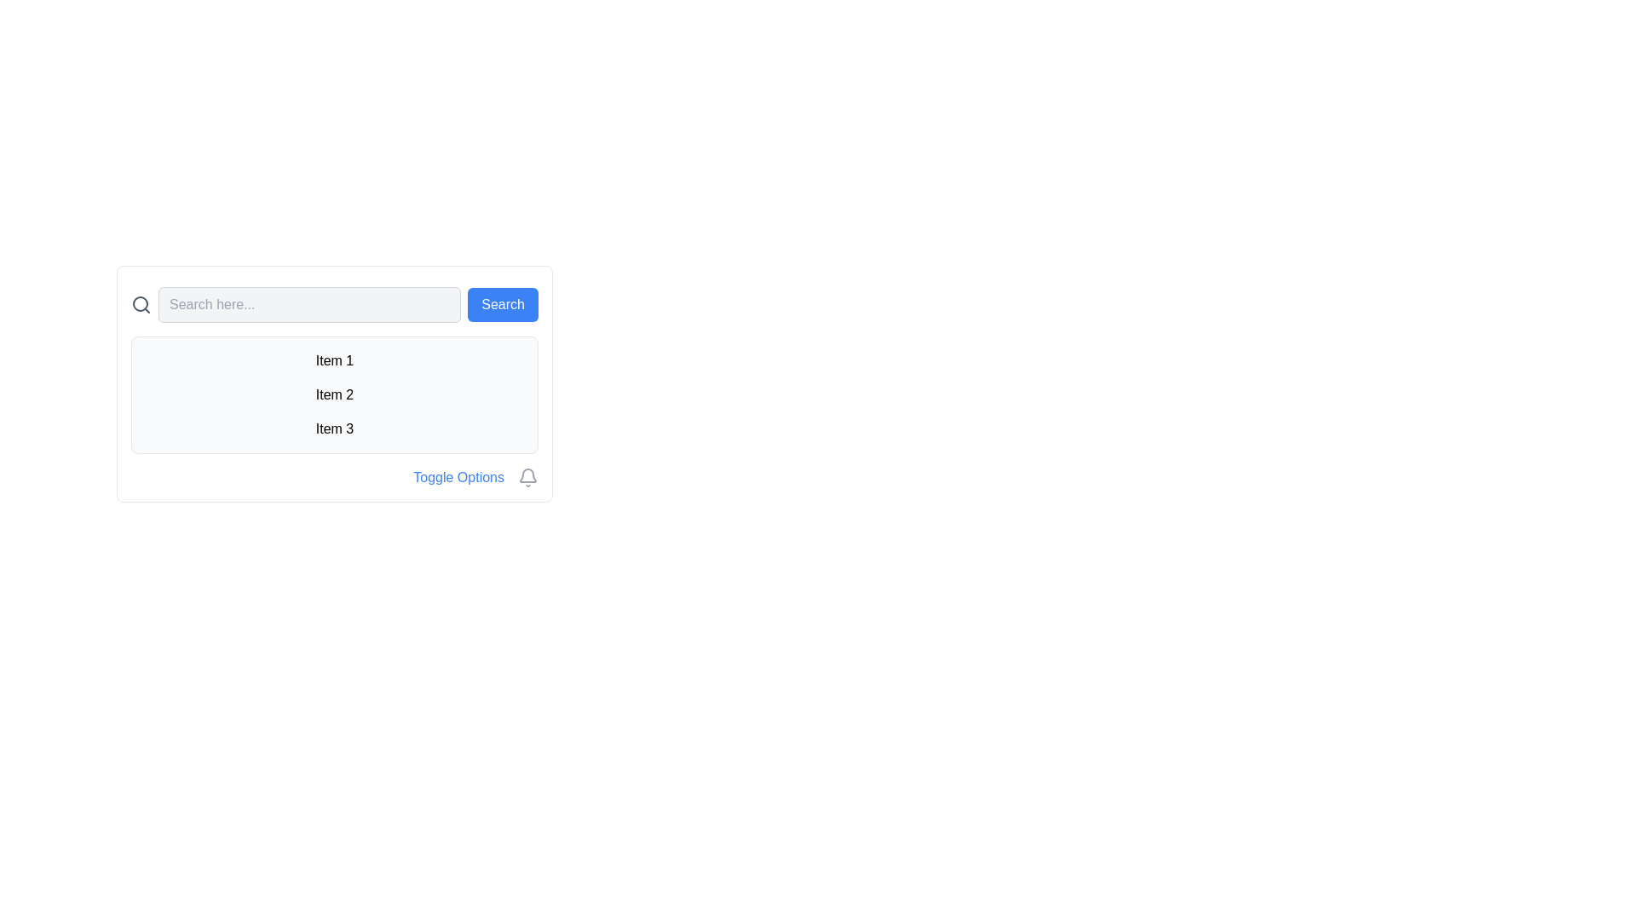 This screenshot has height=920, width=1636. Describe the element at coordinates (140, 303) in the screenshot. I see `the circle element that represents the magnifying glass icon in the top-left corner of the search bar` at that location.